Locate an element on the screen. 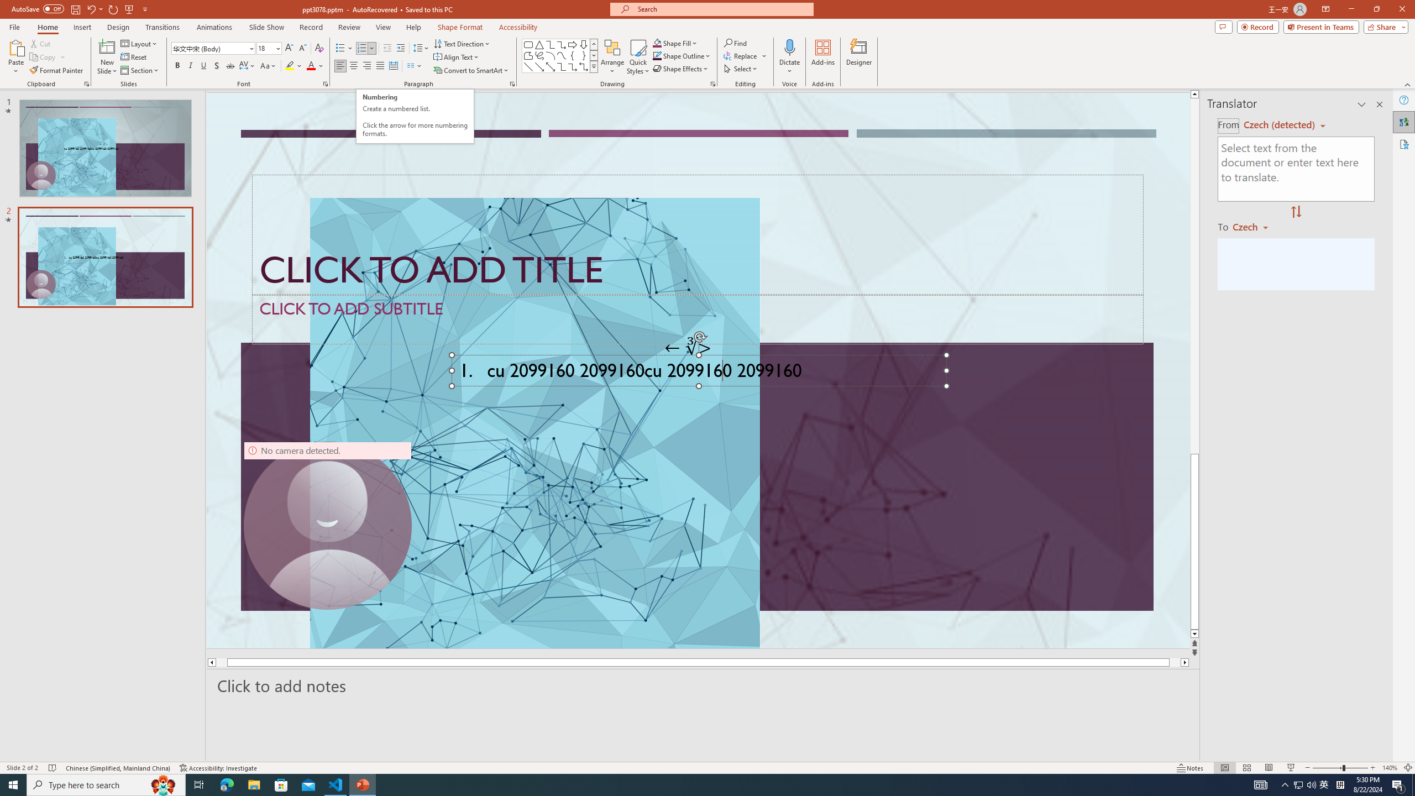  'TextBox 7' is located at coordinates (688, 347).